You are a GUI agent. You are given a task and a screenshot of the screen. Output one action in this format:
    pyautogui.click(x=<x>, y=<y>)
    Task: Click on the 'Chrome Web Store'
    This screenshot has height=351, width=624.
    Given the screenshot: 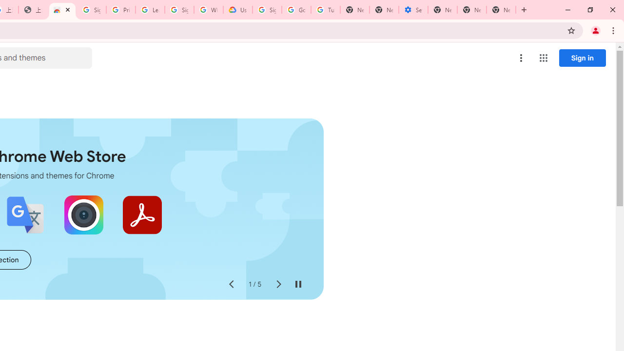 What is the action you would take?
    pyautogui.click(x=62, y=10)
    